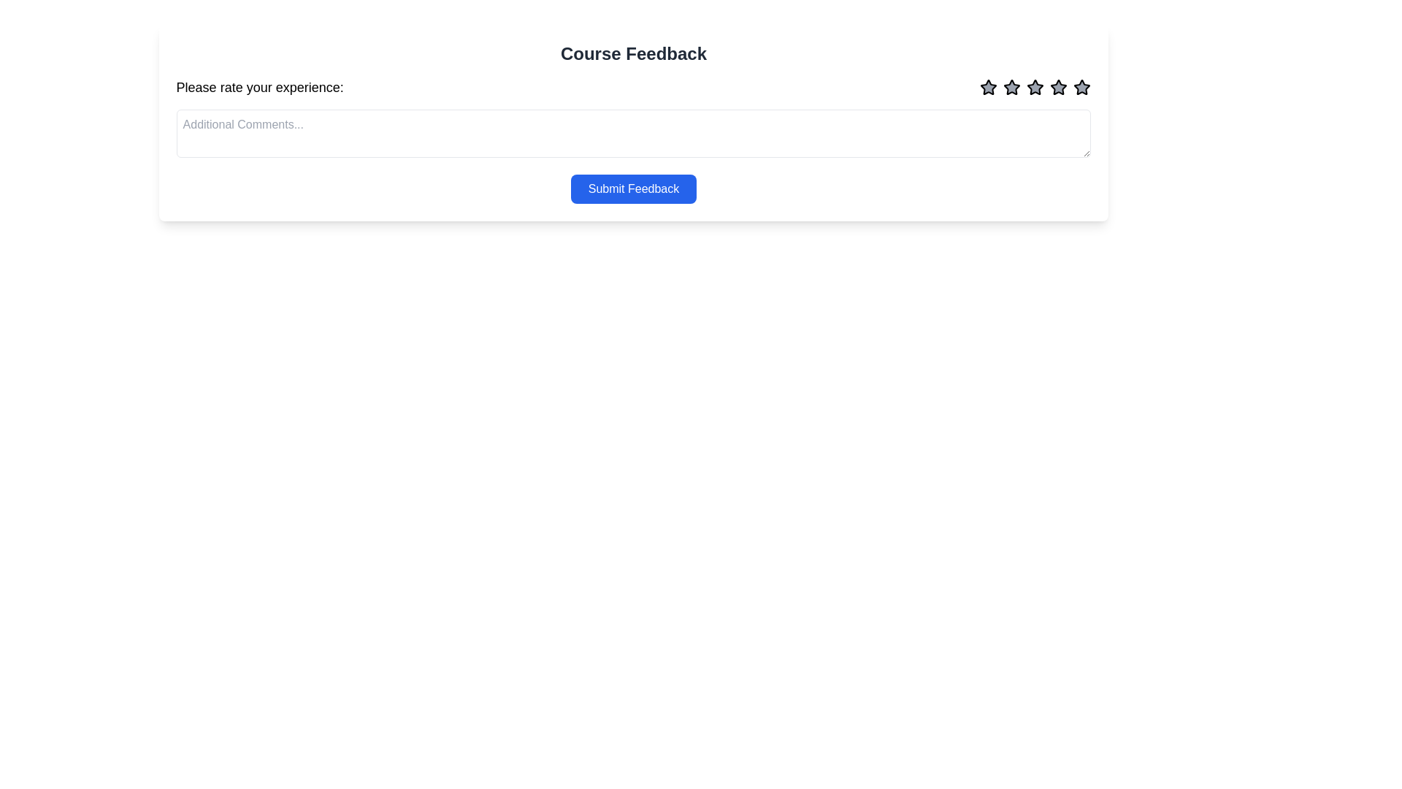 The width and height of the screenshot is (1402, 789). Describe the element at coordinates (1082, 87) in the screenshot. I see `the inactive star-shaped icon, which is the fifth star in a horizontal row of five stars, to rate it` at that location.